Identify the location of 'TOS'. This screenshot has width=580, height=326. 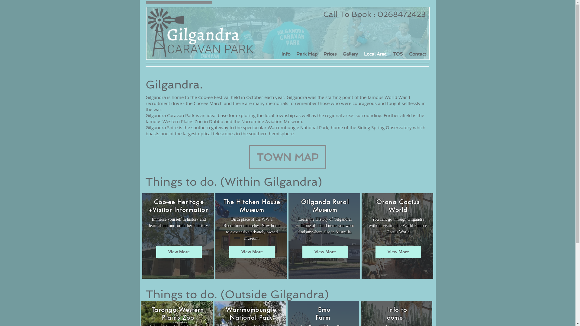
(398, 53).